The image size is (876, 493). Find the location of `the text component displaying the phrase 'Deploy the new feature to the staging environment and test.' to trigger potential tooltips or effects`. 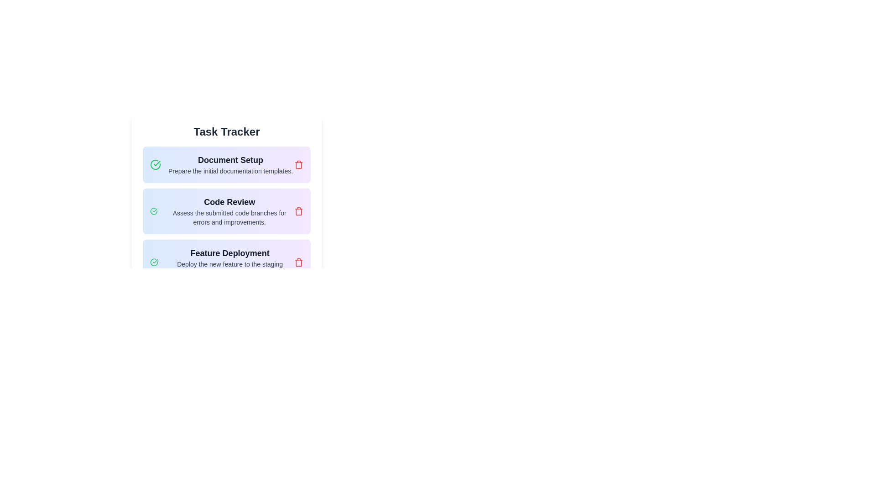

the text component displaying the phrase 'Deploy the new feature to the staging environment and test.' to trigger potential tooltips or effects is located at coordinates (230, 268).